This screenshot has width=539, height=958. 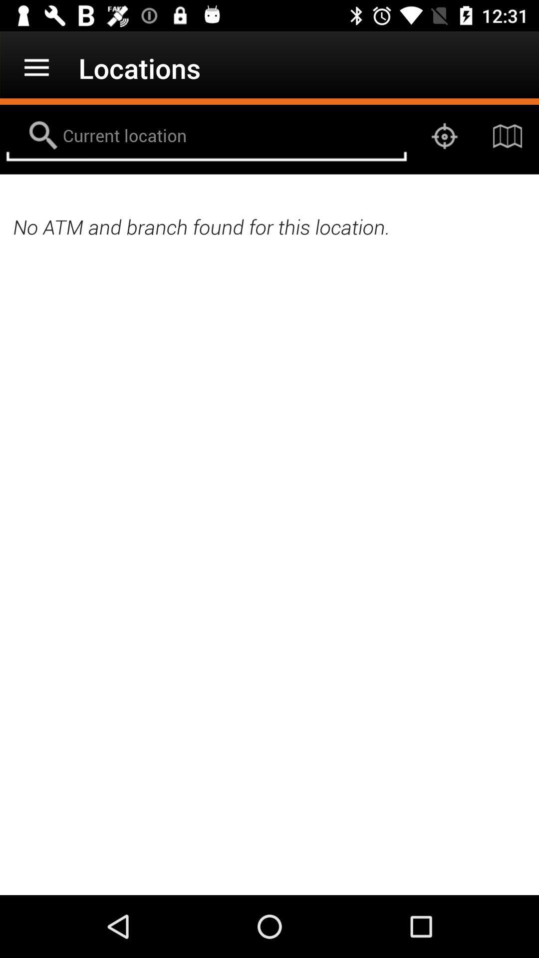 I want to click on the item next to the locations app, so click(x=36, y=67).